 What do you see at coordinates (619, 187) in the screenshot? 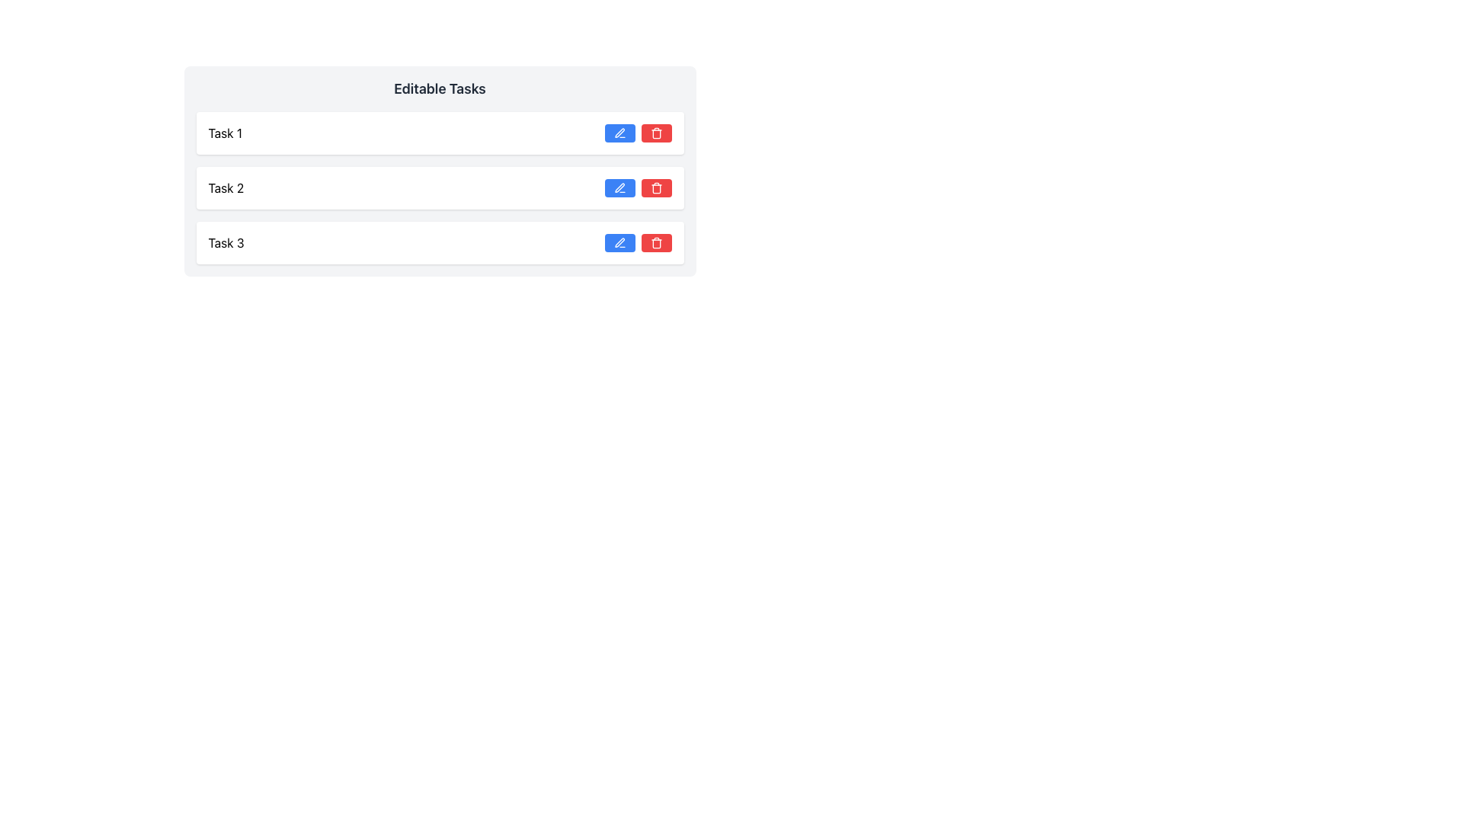
I see `the blue edit button located at the far right of the second task row to initiate edit mode for the associated task` at bounding box center [619, 187].